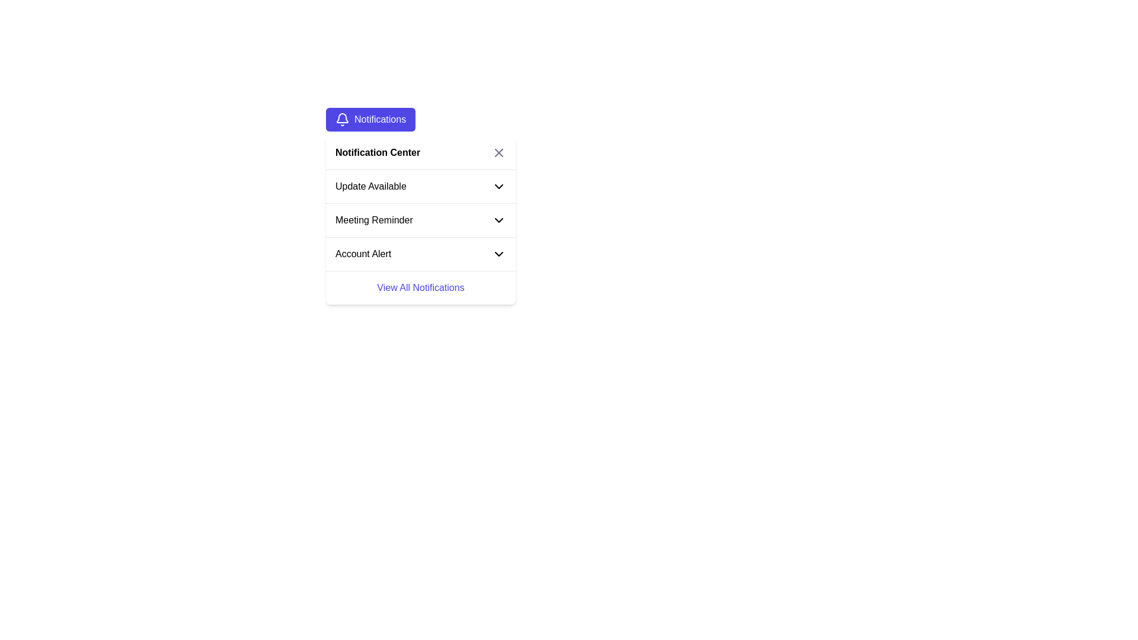 Image resolution: width=1138 pixels, height=640 pixels. I want to click on the second item in the notification list, which is the Expandable Notification Item for 'Meeting Reminder', so click(421, 220).